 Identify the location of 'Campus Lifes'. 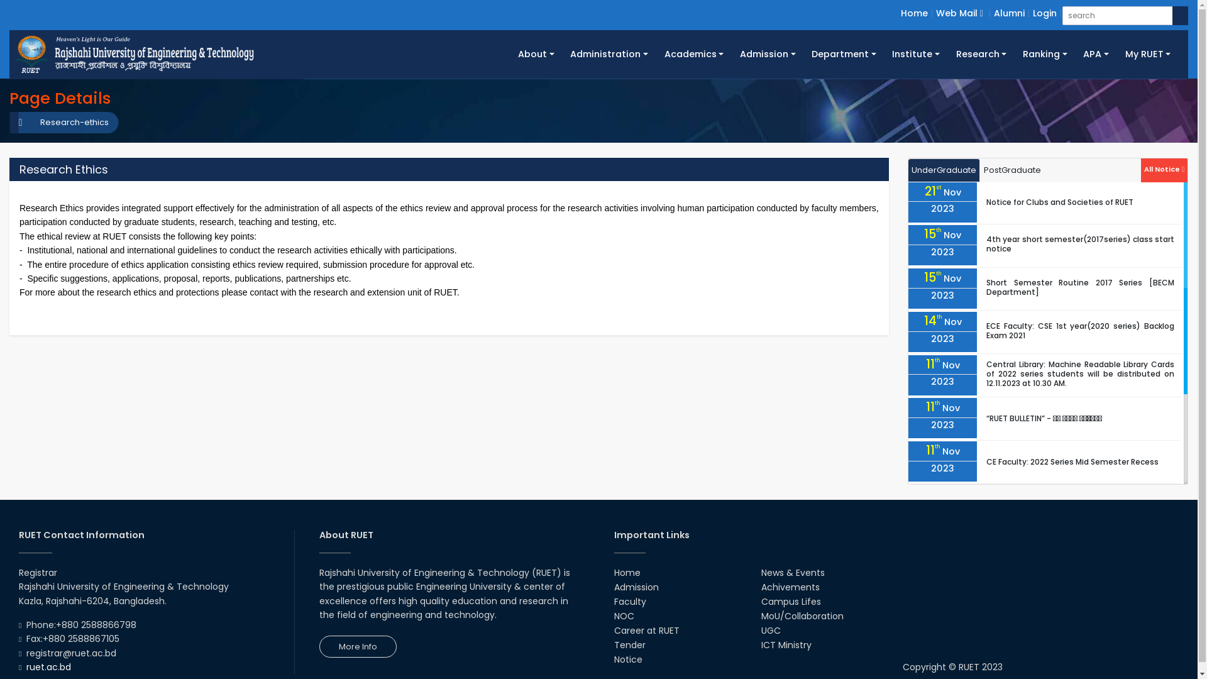
(790, 600).